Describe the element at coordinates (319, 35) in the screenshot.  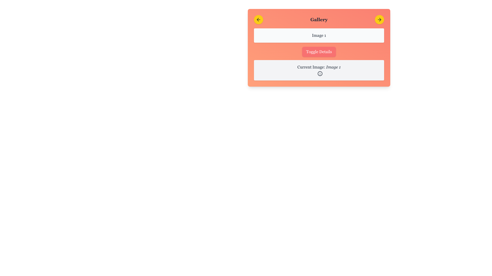
I see `the label displaying 'Image 1', which is located in the upper-middle part of the 'Gallery' box, positioned above the 'Toggle Details' button` at that location.